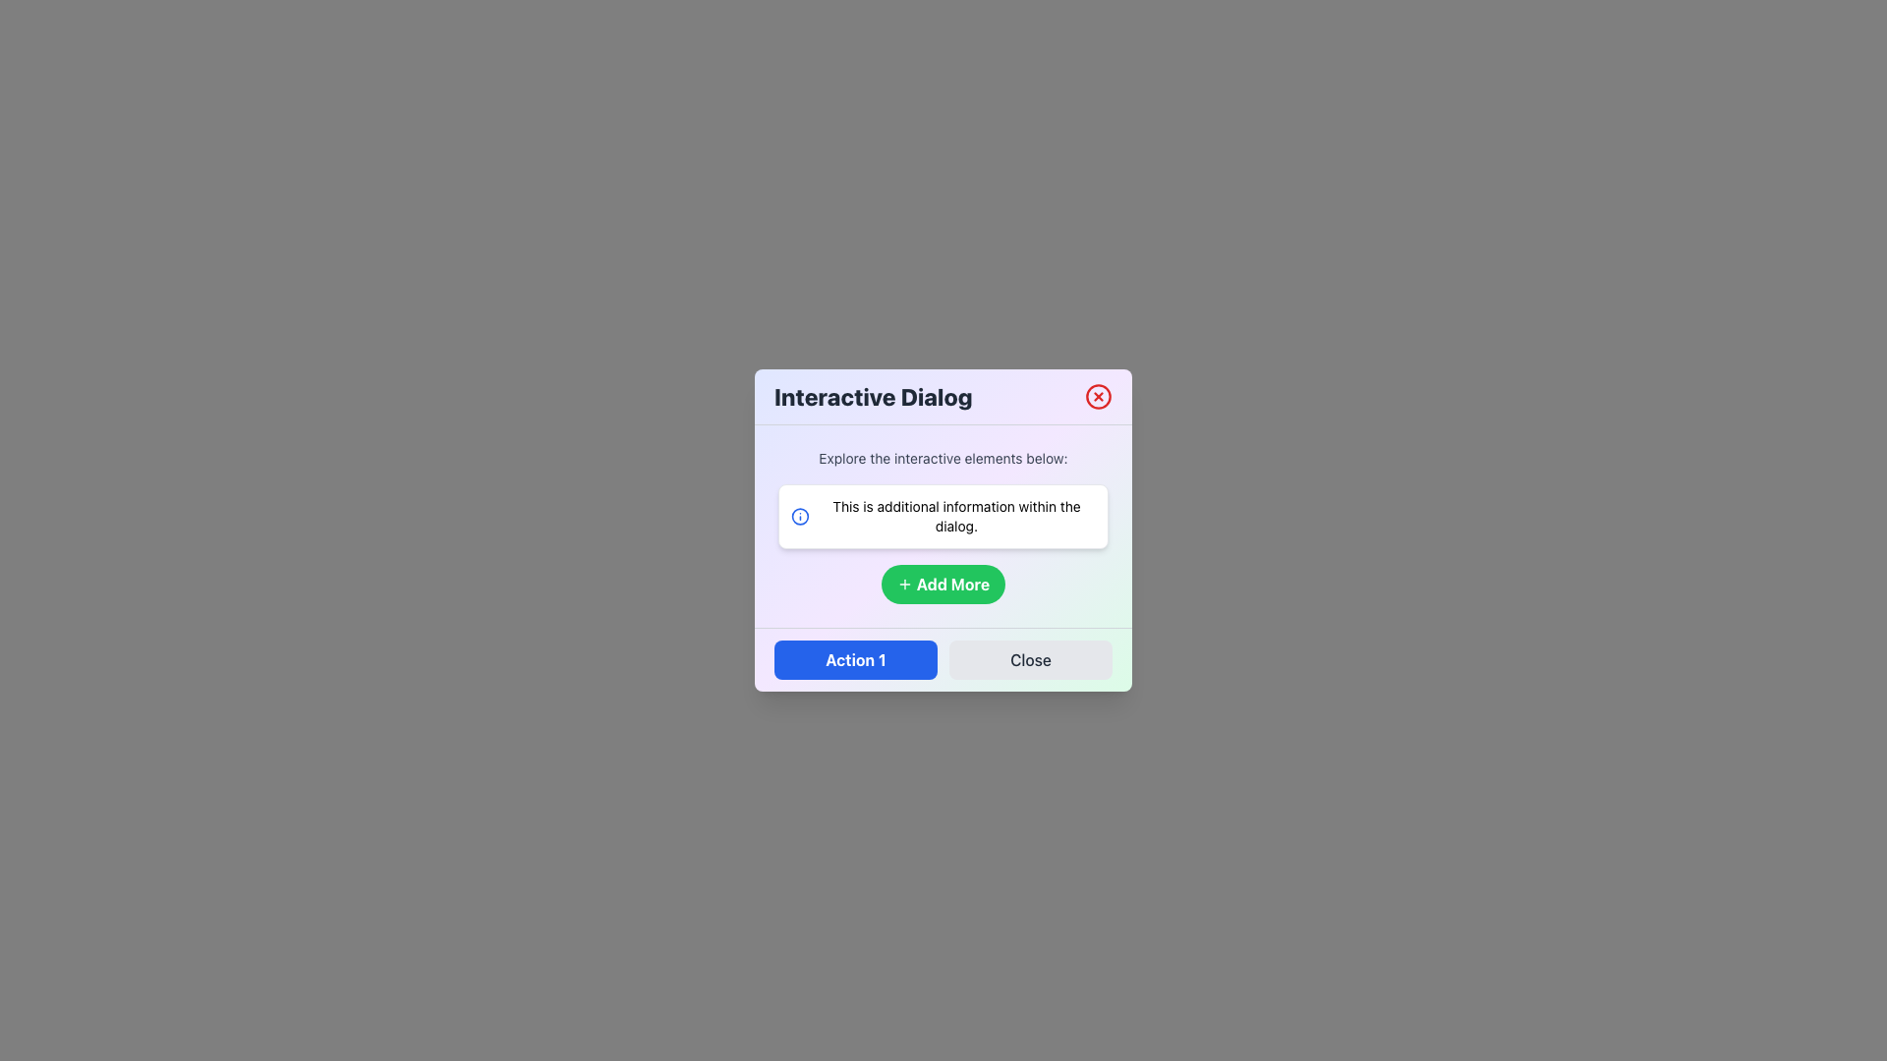 The height and width of the screenshot is (1061, 1887). Describe the element at coordinates (855, 659) in the screenshot. I see `the rectangular button with a blue background and white bold text labeled 'Action 1', located at the bottom section of the dialog box for keyboard interaction` at that location.